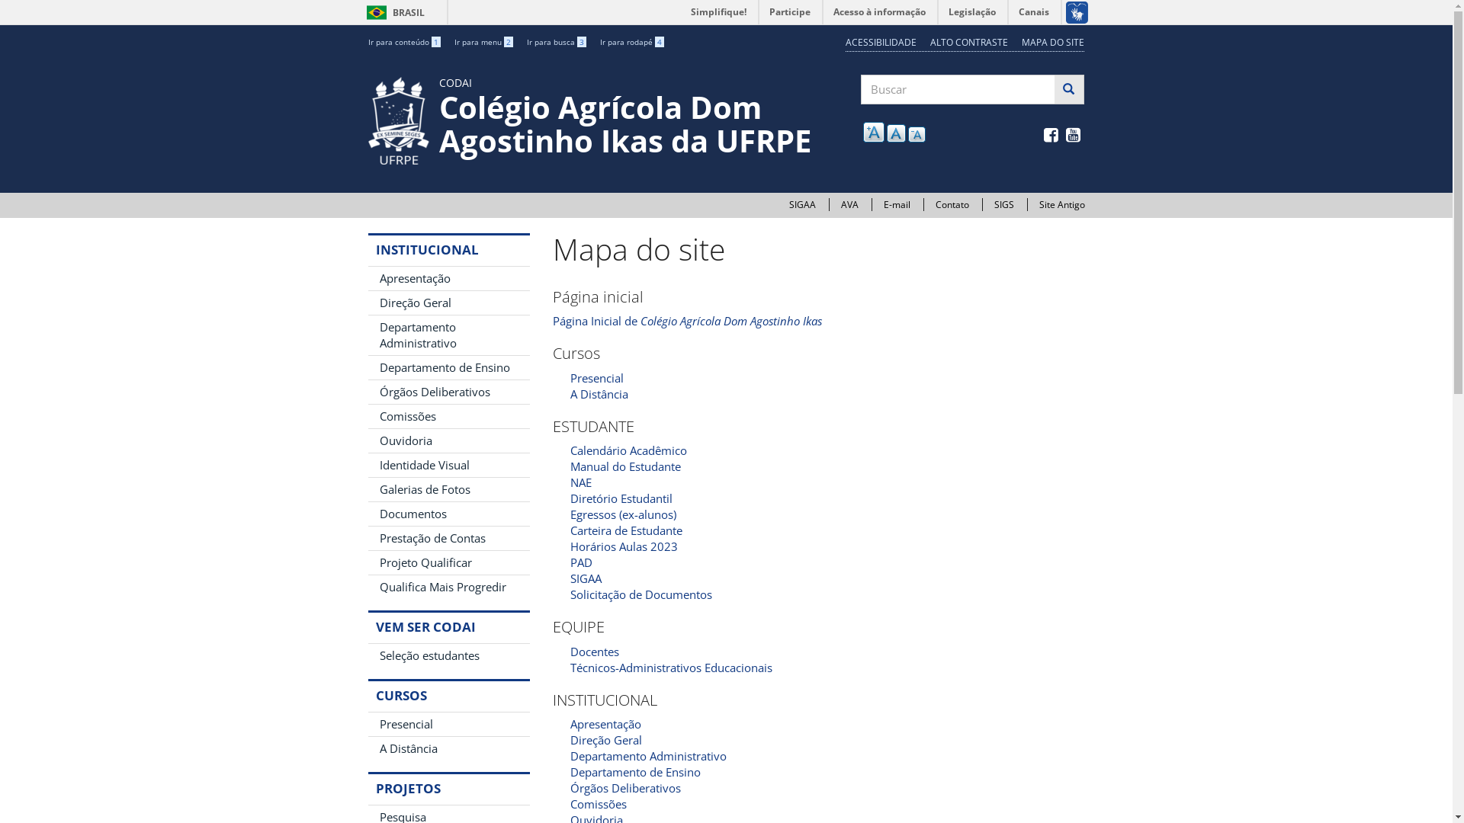 The image size is (1464, 823). Describe the element at coordinates (596, 377) in the screenshot. I see `'Presencial'` at that location.